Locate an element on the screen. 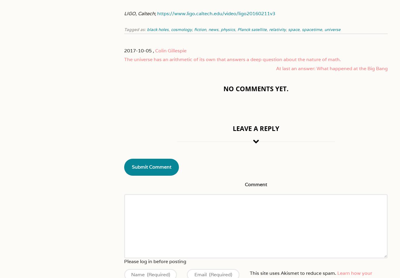  'LIGO, Caltech' is located at coordinates (139, 13).